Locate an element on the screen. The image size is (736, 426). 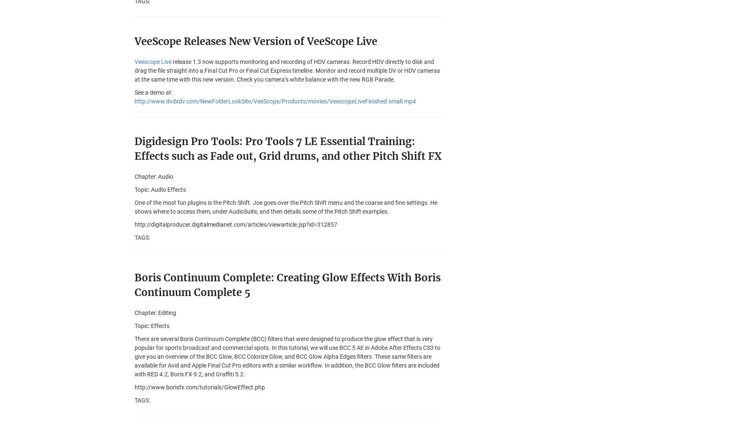
'Boris Continuum Complete: Creating Glow Effects With Boris Continuum Complete 5' is located at coordinates (287, 284).